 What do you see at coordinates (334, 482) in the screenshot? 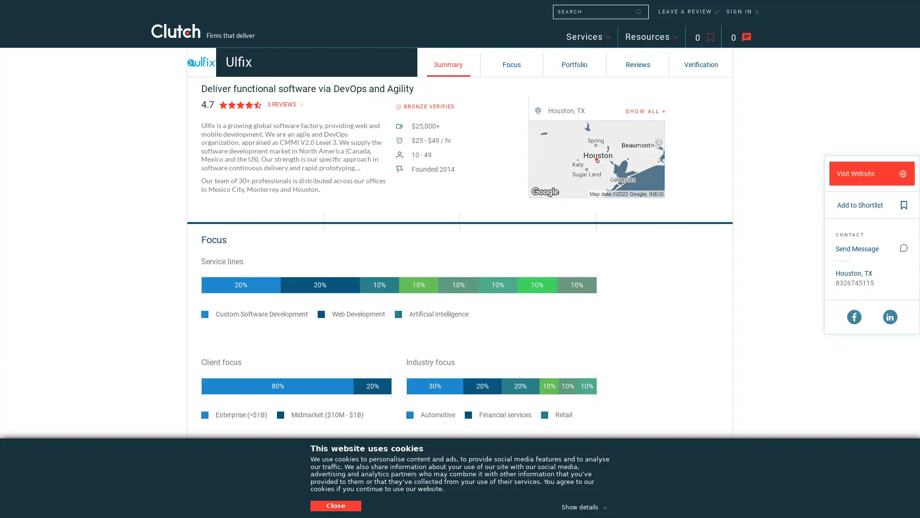
I see `20%` at bounding box center [334, 482].